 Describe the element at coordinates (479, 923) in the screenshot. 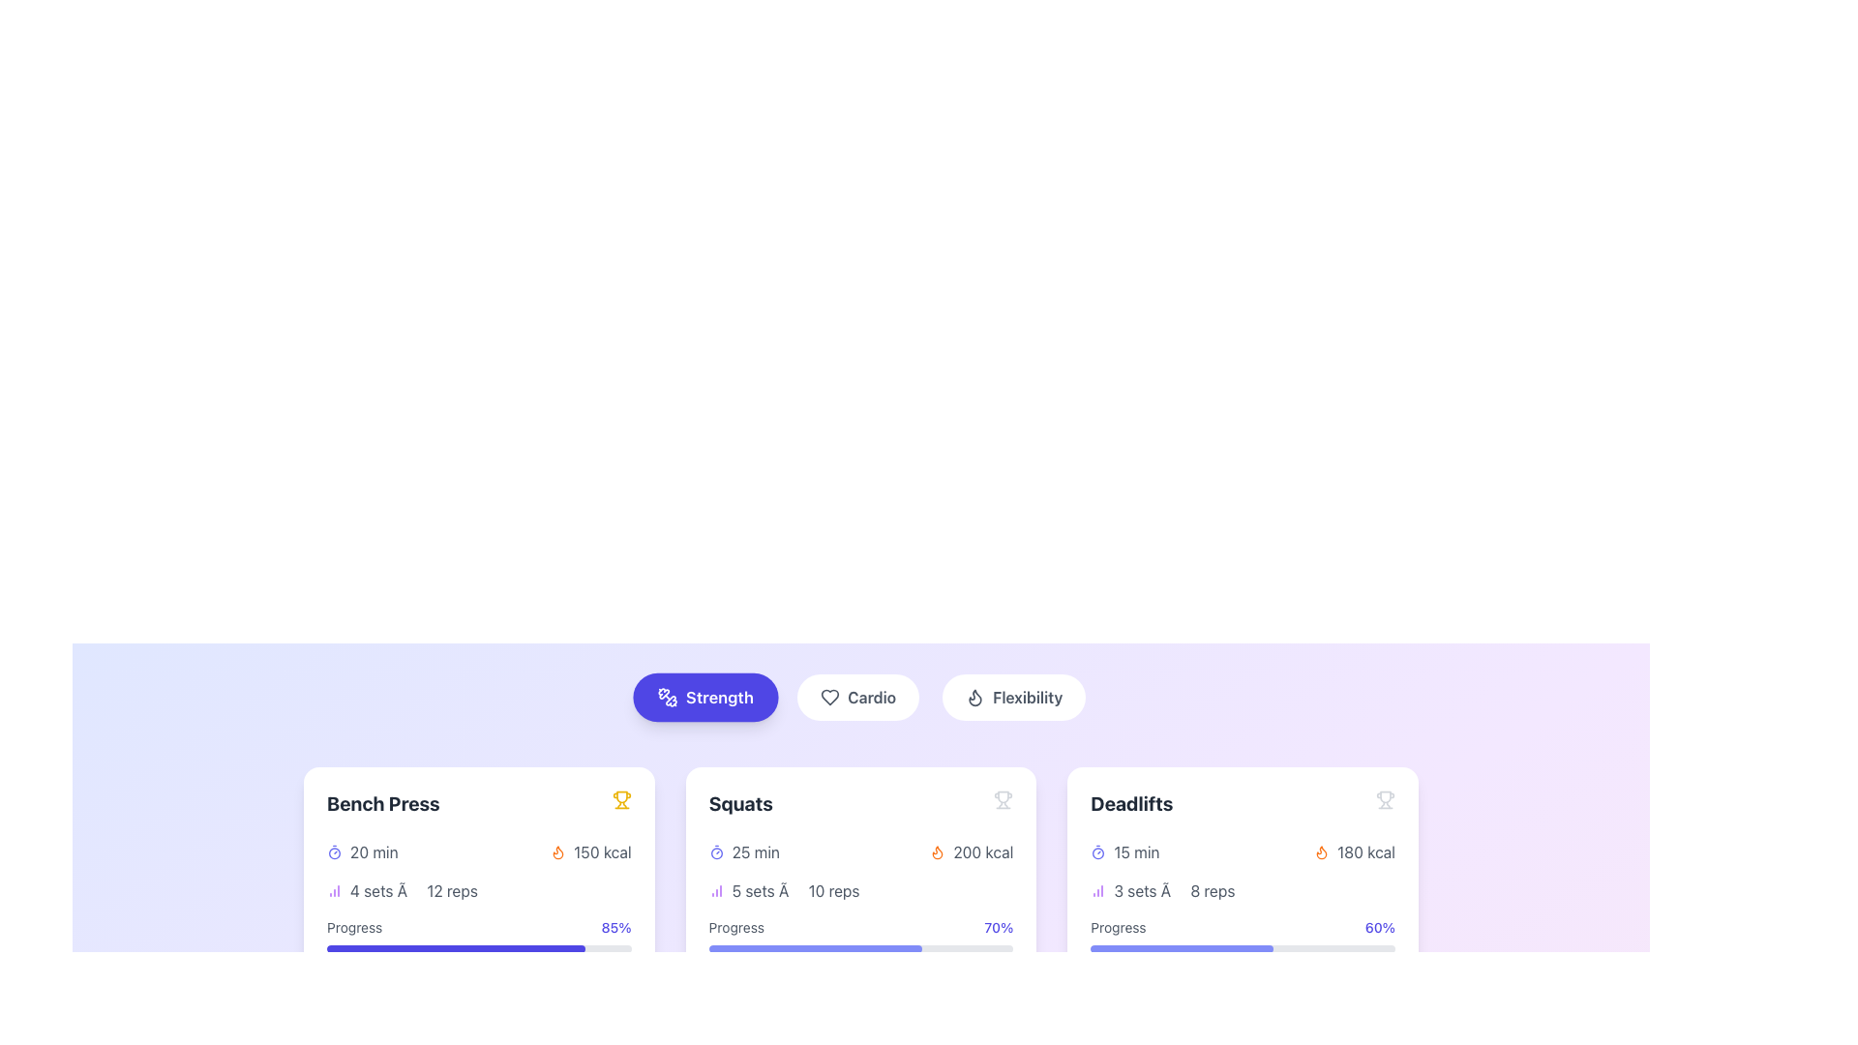

I see `the Informational block displaying workout details for the 'Bench Press' workout, located` at that location.